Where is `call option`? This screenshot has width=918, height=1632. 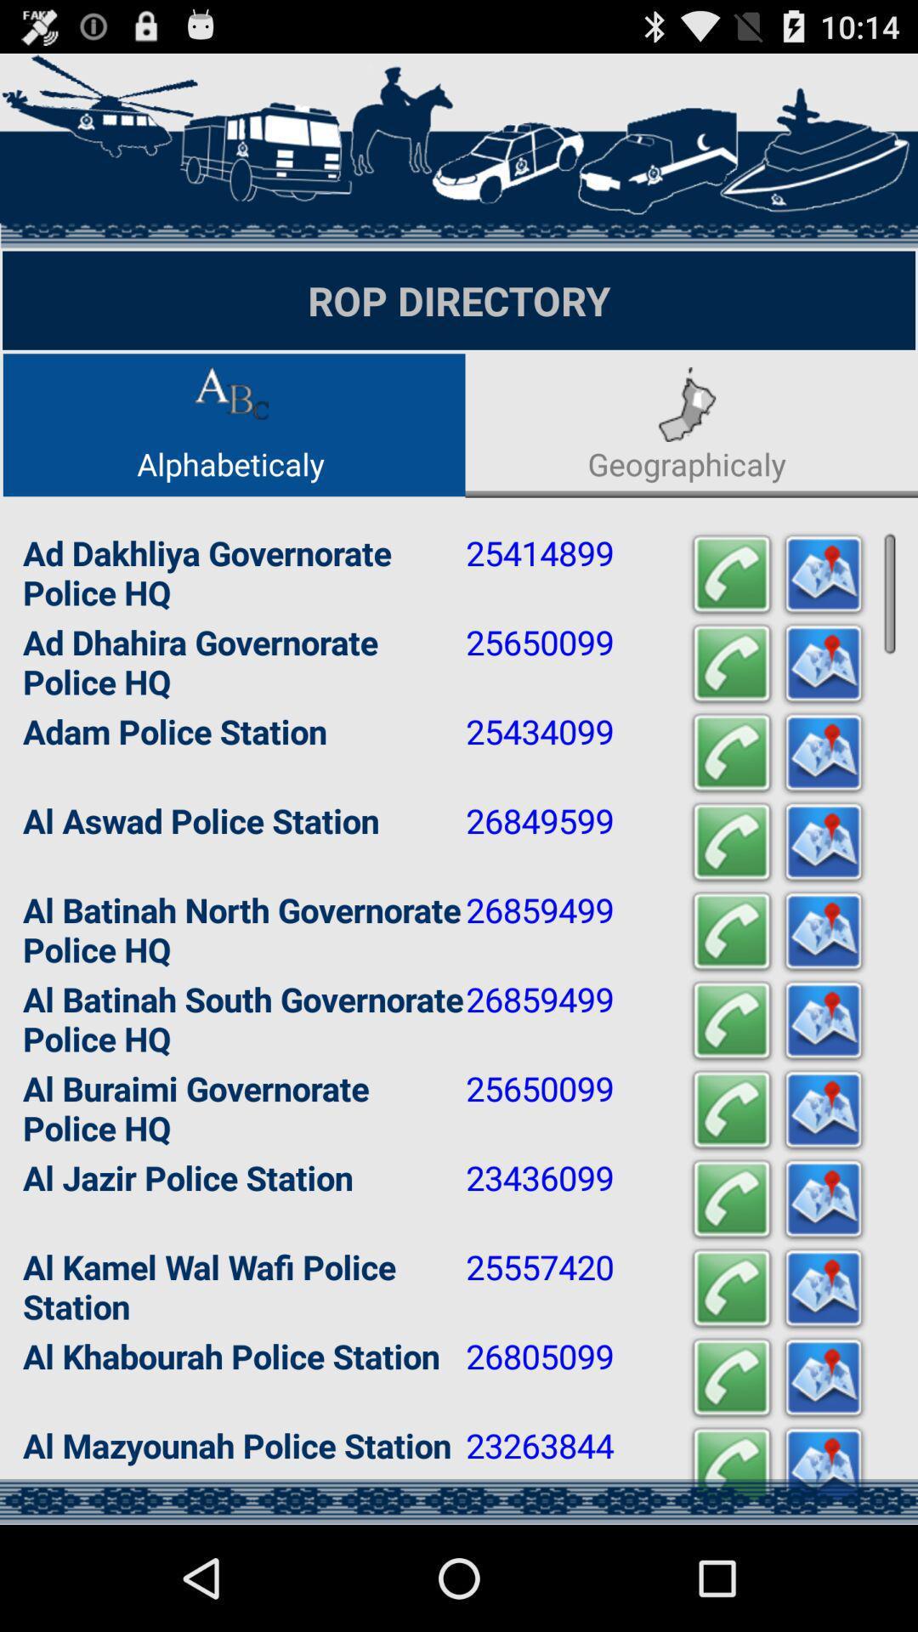 call option is located at coordinates (730, 752).